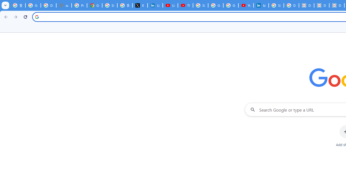  Describe the element at coordinates (170, 5) in the screenshot. I see `'LinkedIn - YouTube'` at that location.